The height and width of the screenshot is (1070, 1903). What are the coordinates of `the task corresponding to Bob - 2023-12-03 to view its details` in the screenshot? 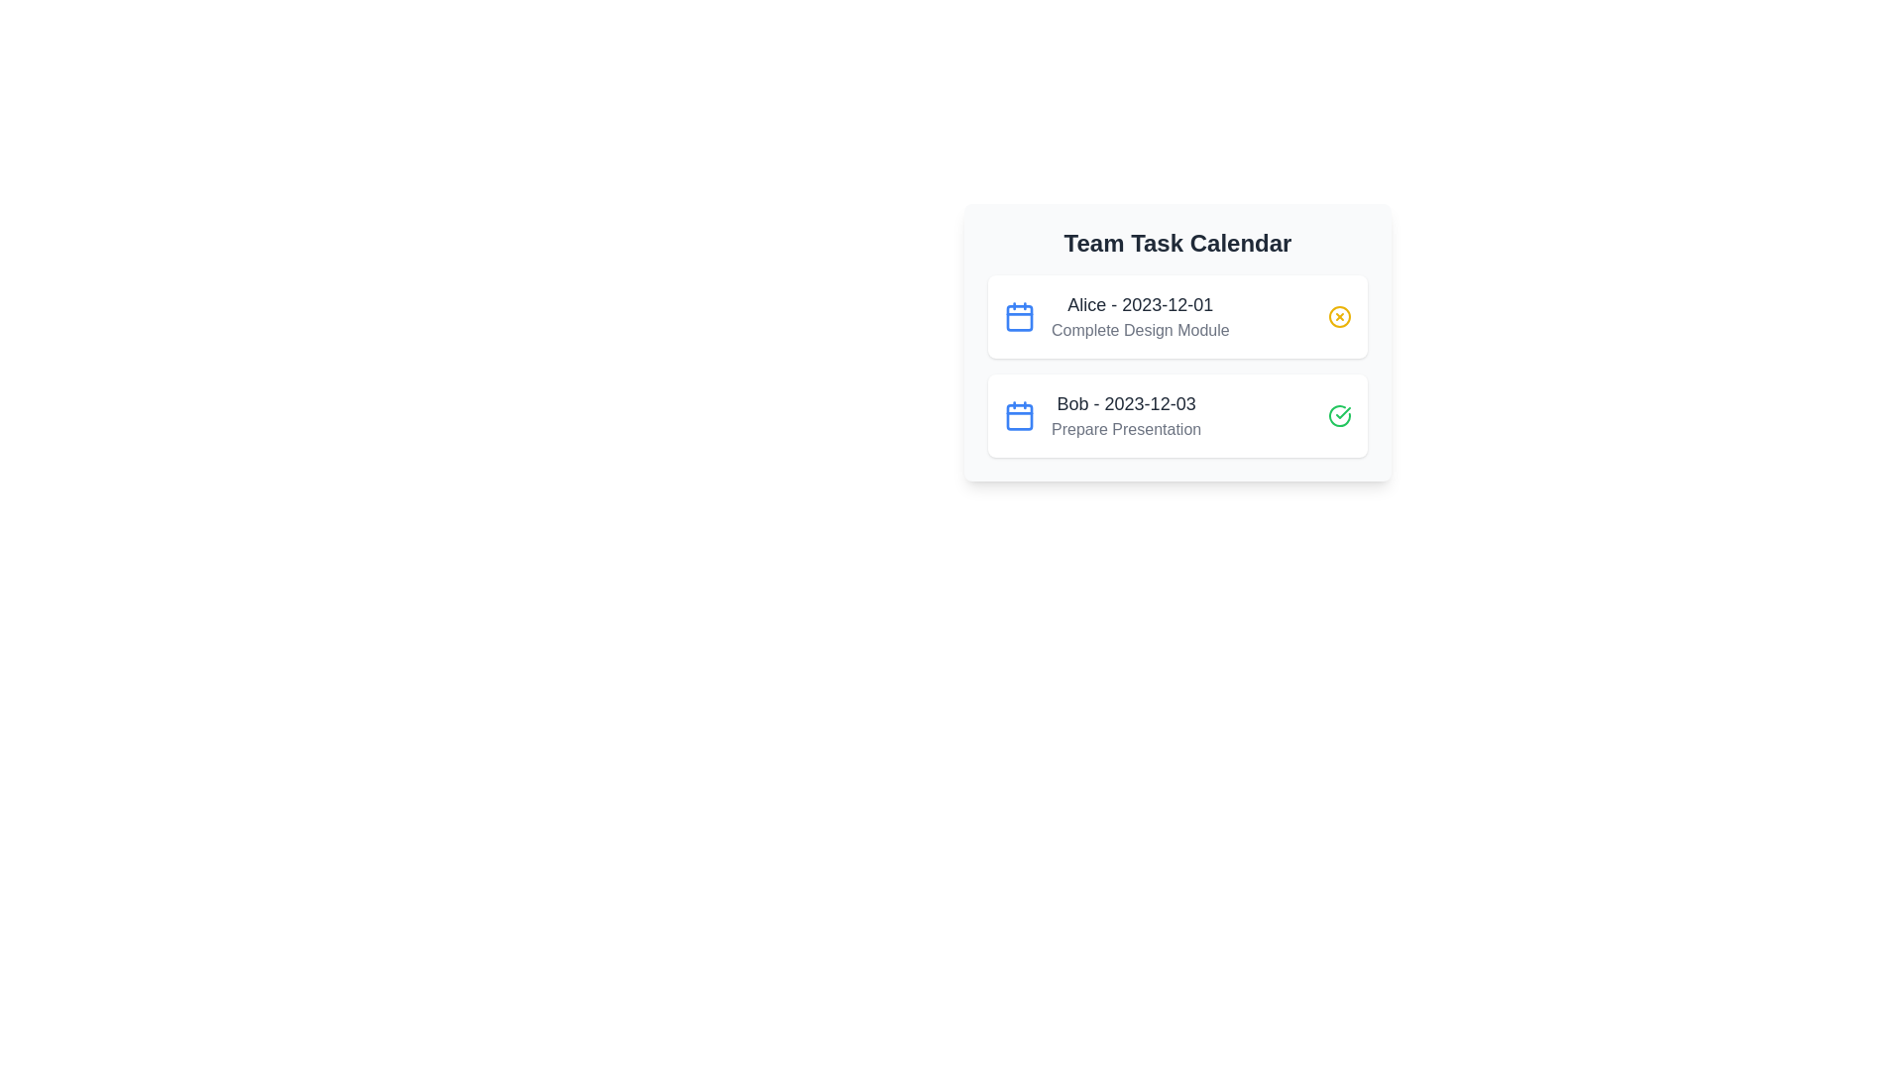 It's located at (1177, 415).